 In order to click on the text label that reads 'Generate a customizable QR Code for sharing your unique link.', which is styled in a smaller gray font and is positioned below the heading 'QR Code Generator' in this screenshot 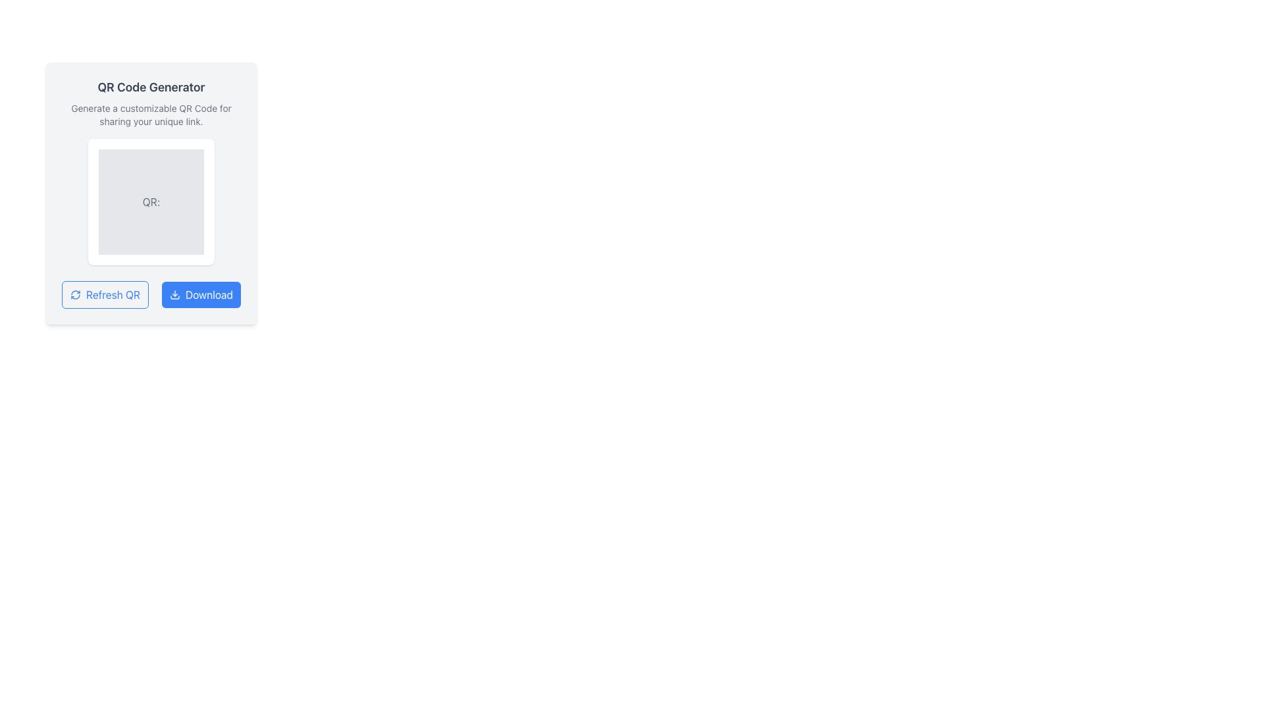, I will do `click(151, 114)`.